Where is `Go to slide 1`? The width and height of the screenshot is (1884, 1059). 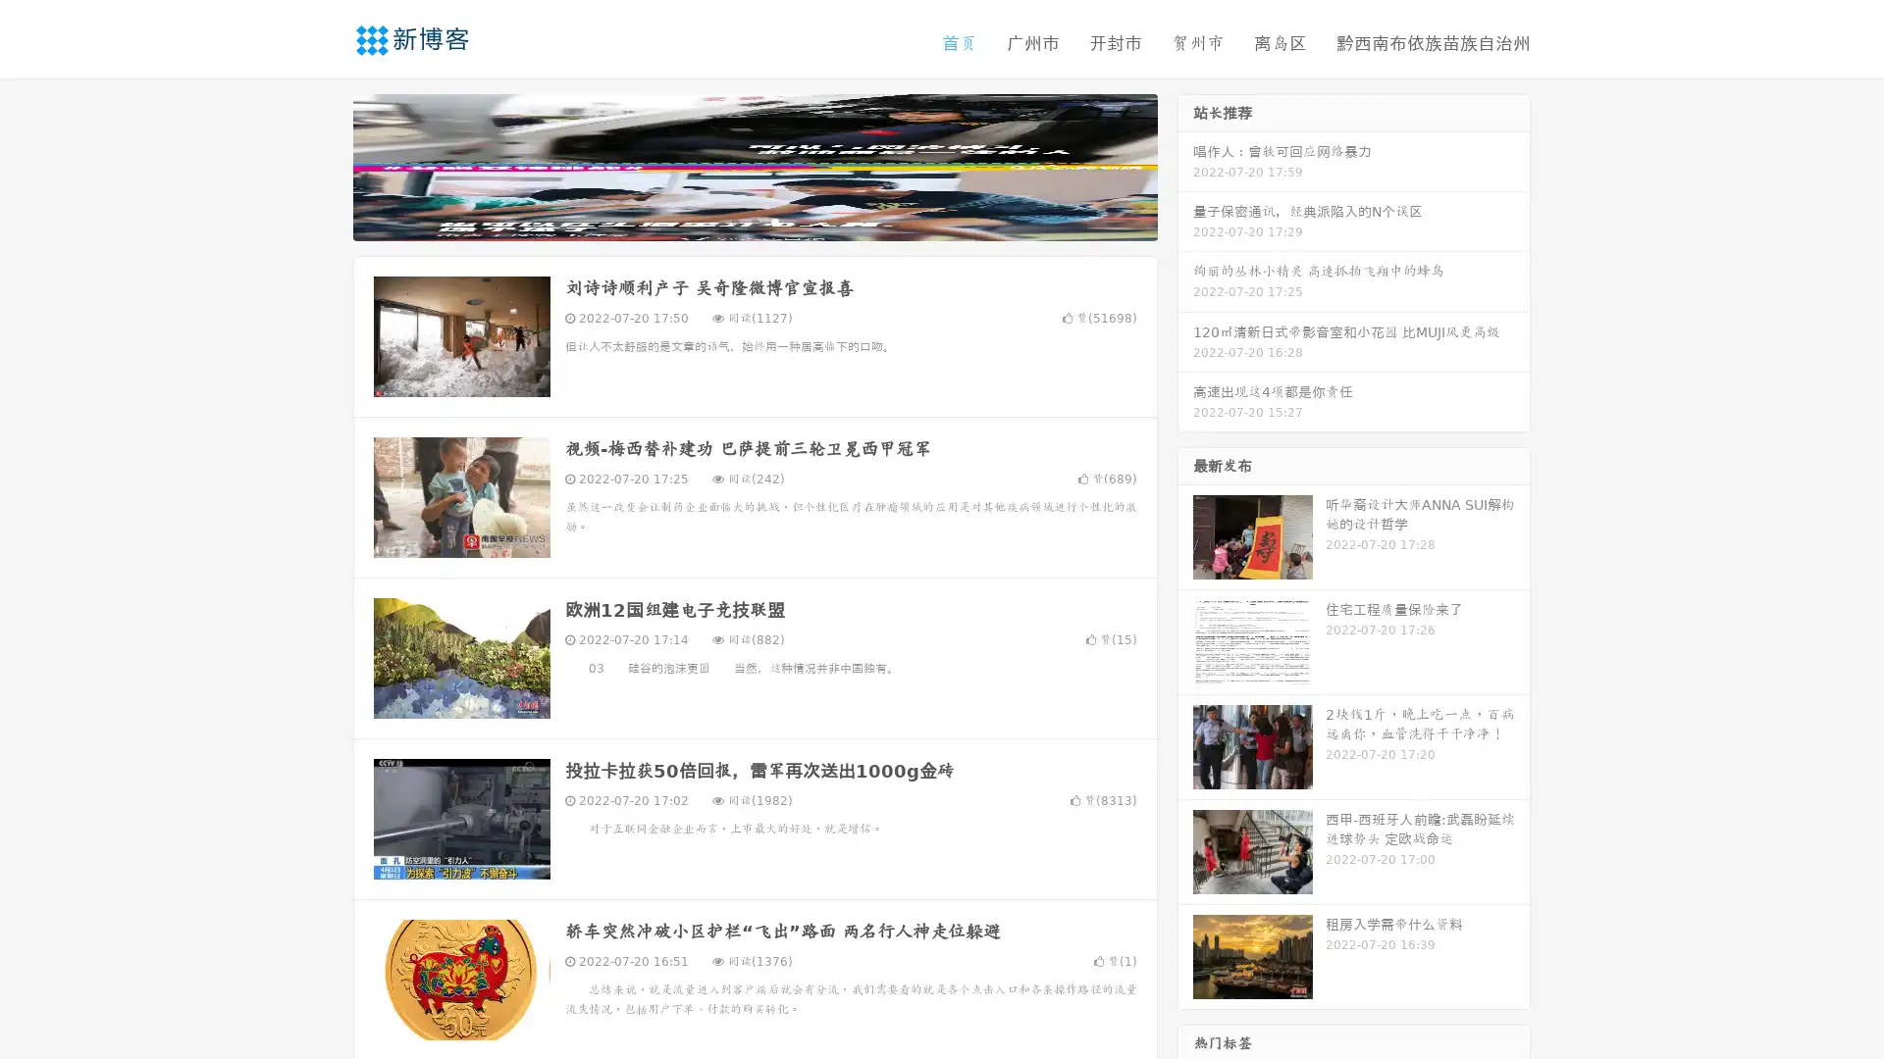 Go to slide 1 is located at coordinates (734, 221).